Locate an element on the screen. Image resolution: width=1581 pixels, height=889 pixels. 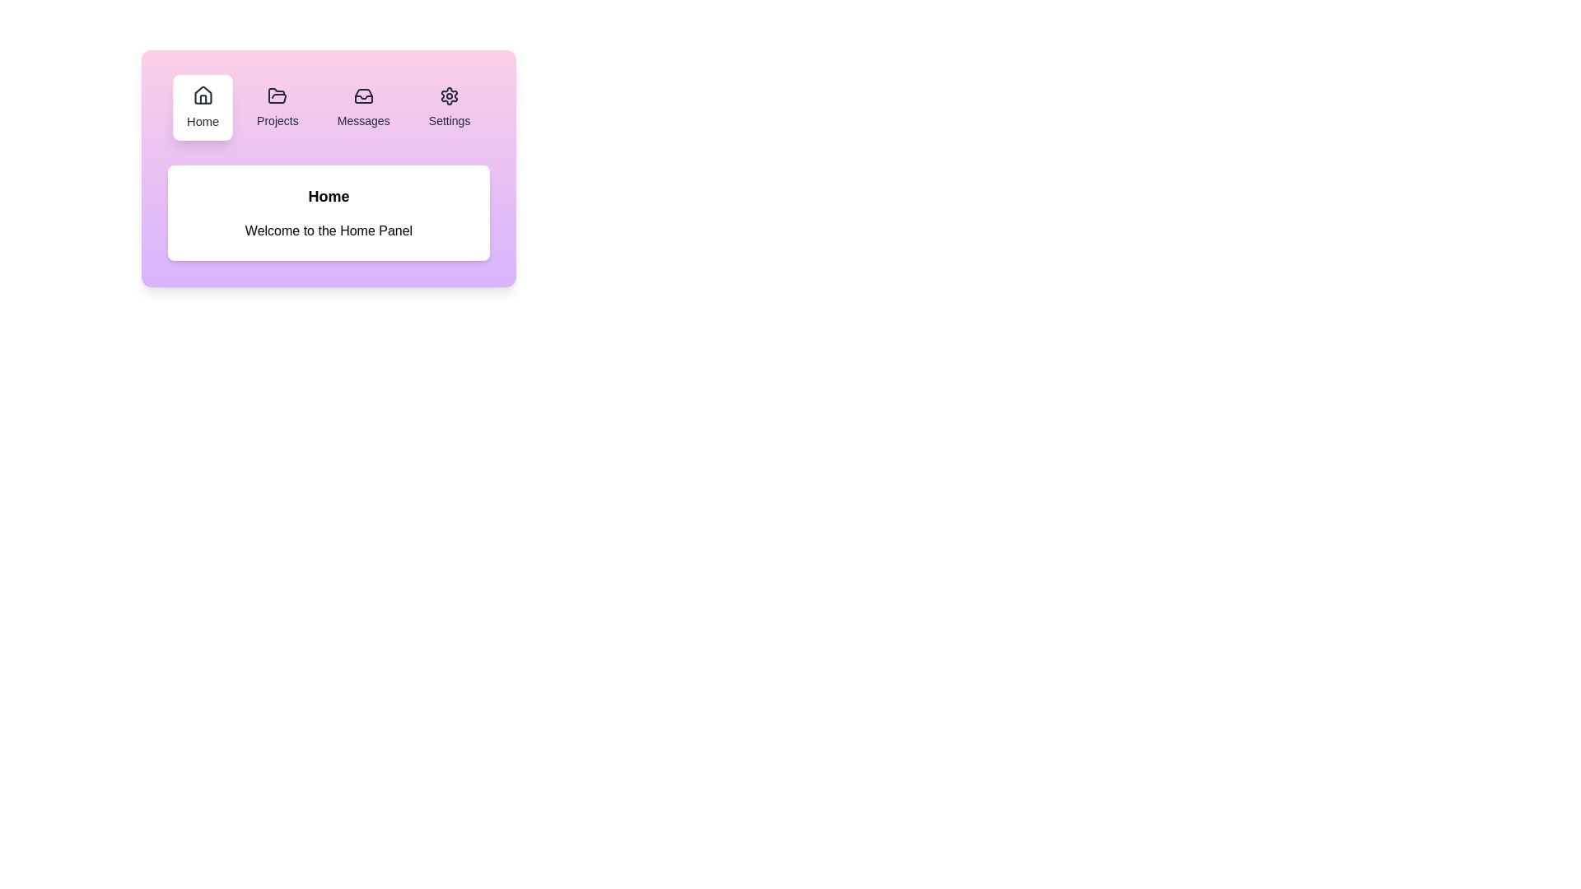
the 'Projects' button, which is a vertically-oriented button with a folder icon and soft rounded corners is located at coordinates (277, 108).